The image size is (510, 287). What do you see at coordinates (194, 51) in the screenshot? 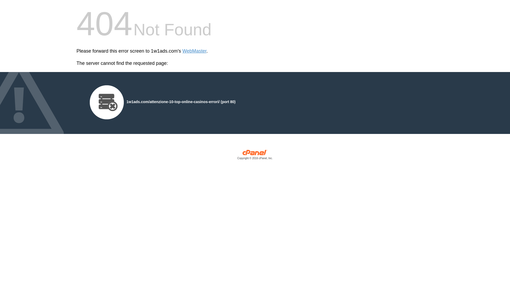
I see `'WebMaster'` at bounding box center [194, 51].